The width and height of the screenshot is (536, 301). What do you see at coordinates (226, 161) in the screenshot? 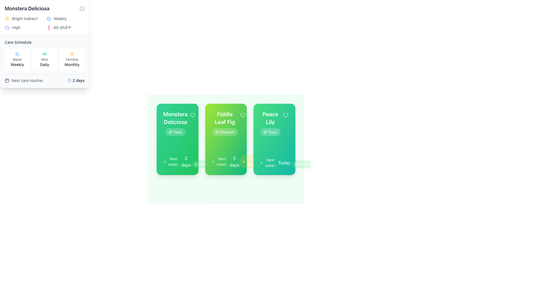
I see `text content 'Next water: 5 days' located at the bottom of the card labeled 'Fiddle Leaf Fig', with '5' in bold for emphasis` at bounding box center [226, 161].